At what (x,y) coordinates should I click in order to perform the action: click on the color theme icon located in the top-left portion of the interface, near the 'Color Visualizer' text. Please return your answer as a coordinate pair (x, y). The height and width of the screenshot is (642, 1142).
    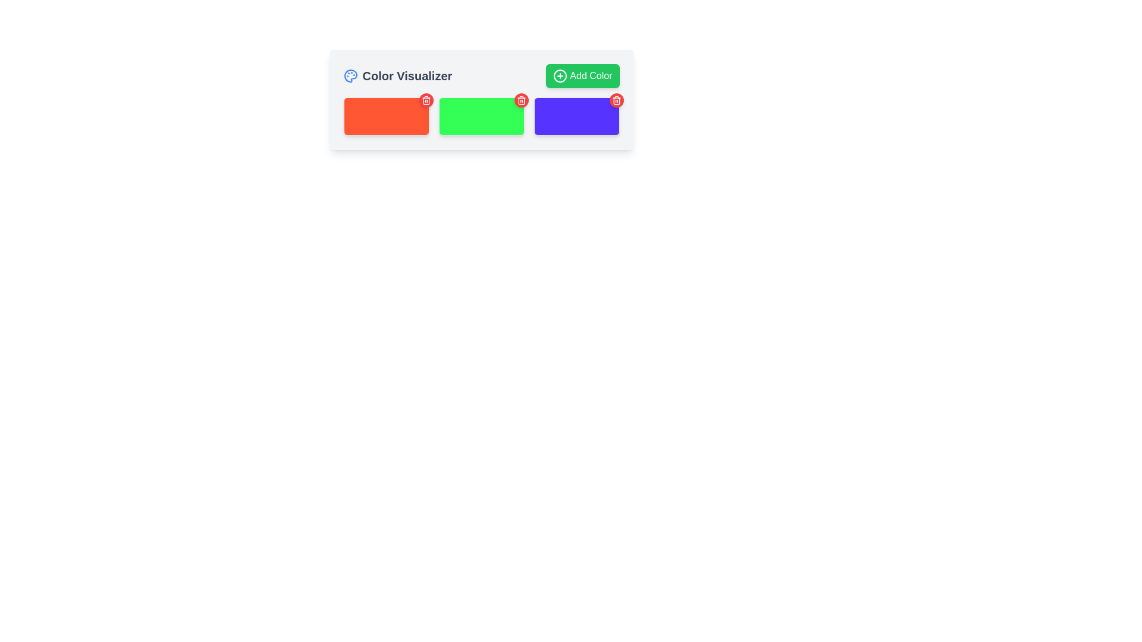
    Looking at the image, I should click on (350, 75).